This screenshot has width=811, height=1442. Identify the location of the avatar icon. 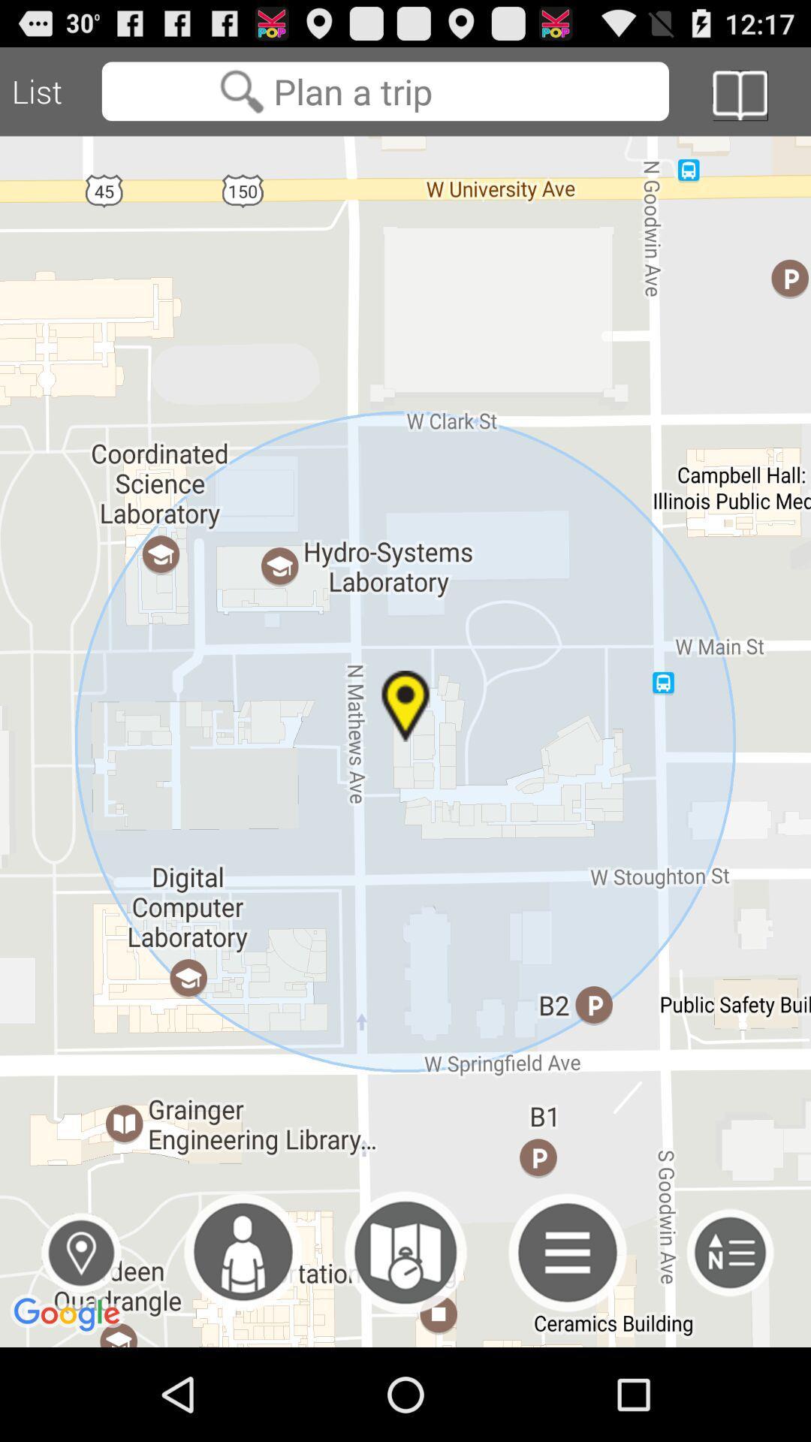
(243, 1341).